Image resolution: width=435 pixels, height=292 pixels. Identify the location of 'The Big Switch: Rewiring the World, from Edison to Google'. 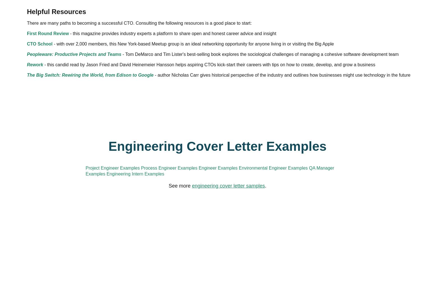
(190, 280).